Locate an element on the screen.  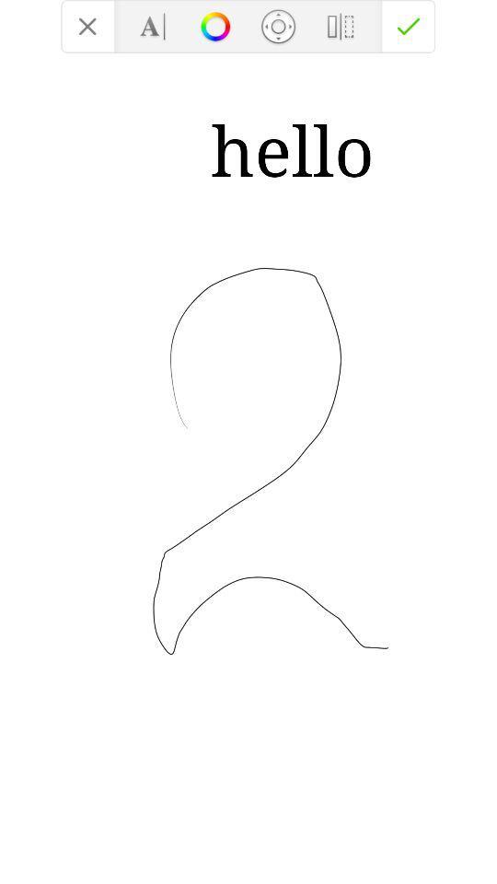
move image is located at coordinates (277, 25).